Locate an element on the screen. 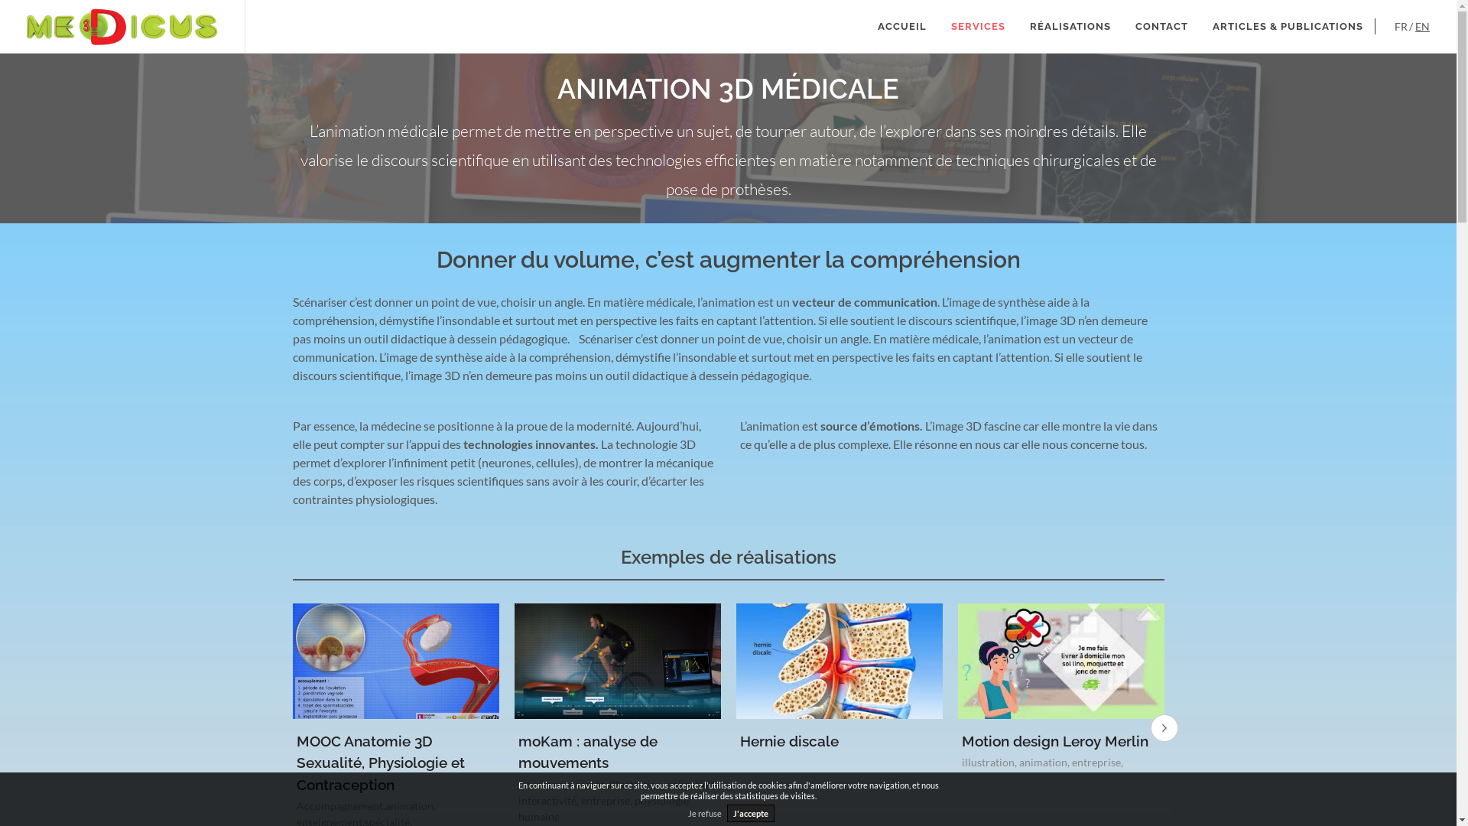  'physiologie humaine' is located at coordinates (602, 807).